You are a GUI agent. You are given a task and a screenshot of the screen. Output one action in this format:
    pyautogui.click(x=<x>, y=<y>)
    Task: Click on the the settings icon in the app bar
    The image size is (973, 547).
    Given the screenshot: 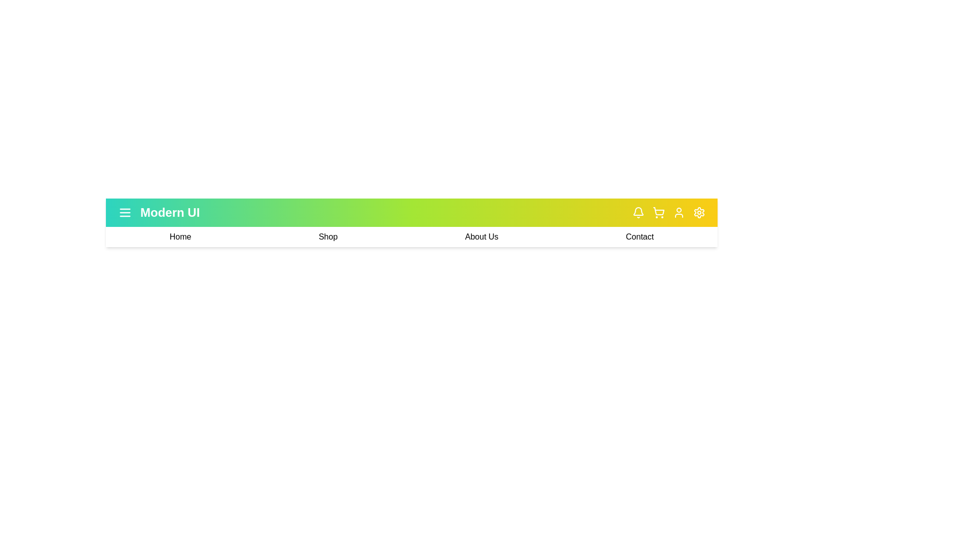 What is the action you would take?
    pyautogui.click(x=699, y=212)
    